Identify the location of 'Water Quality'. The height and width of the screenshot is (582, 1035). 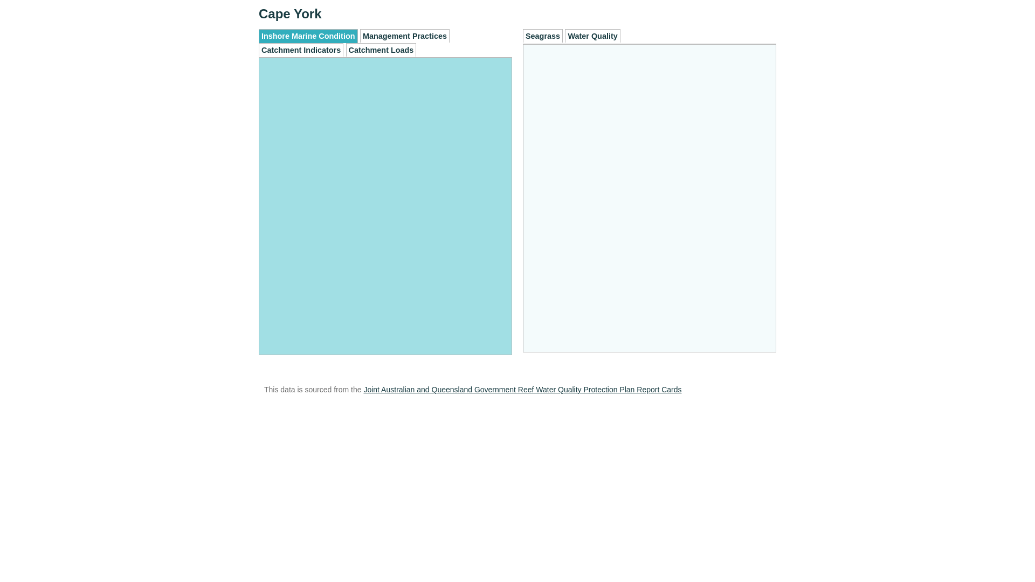
(564, 35).